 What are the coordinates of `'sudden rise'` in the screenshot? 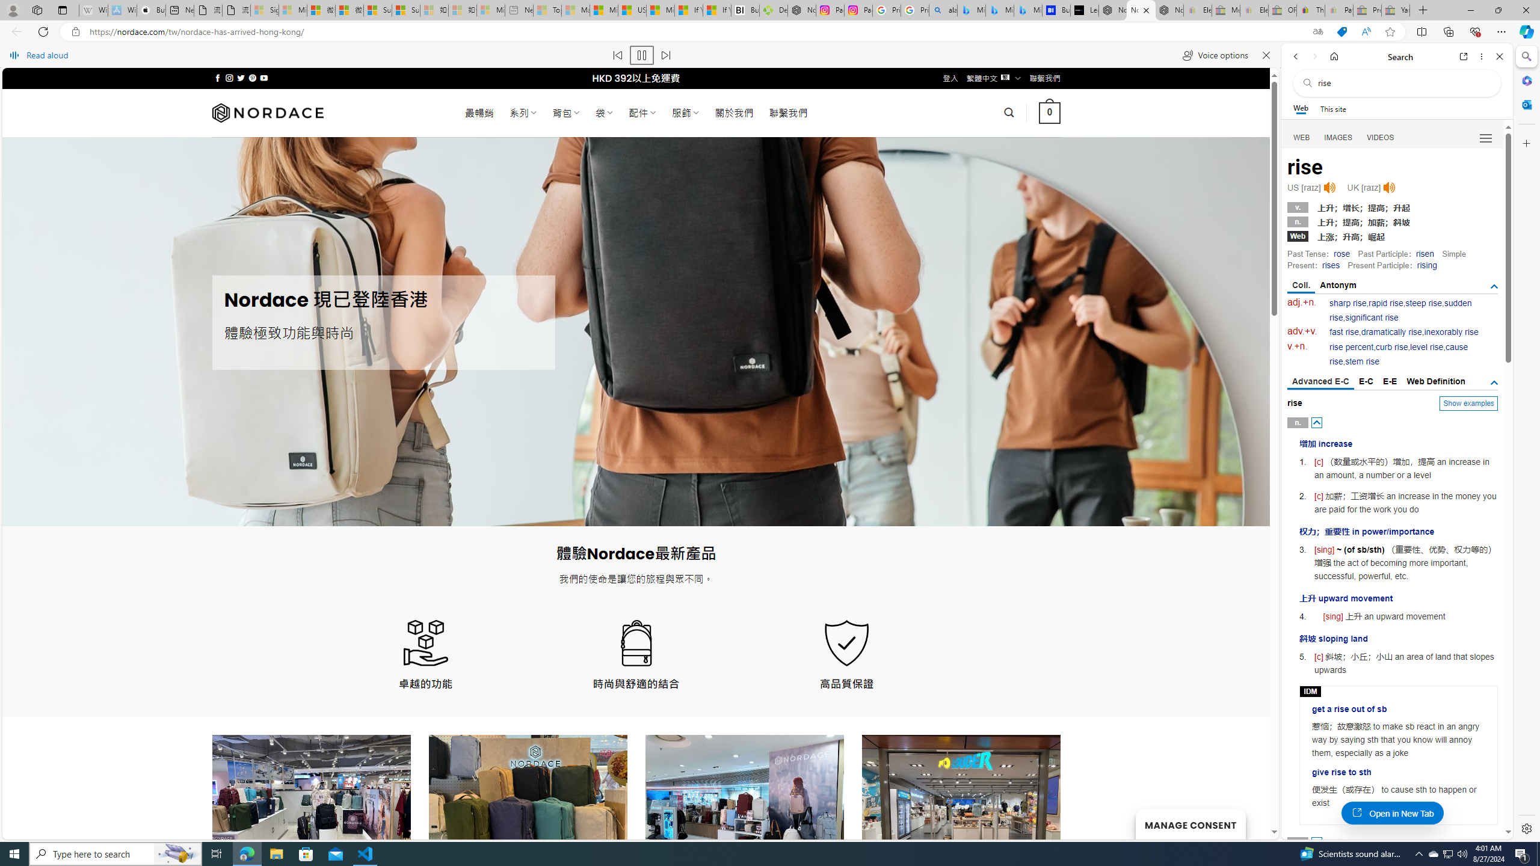 It's located at (1400, 310).